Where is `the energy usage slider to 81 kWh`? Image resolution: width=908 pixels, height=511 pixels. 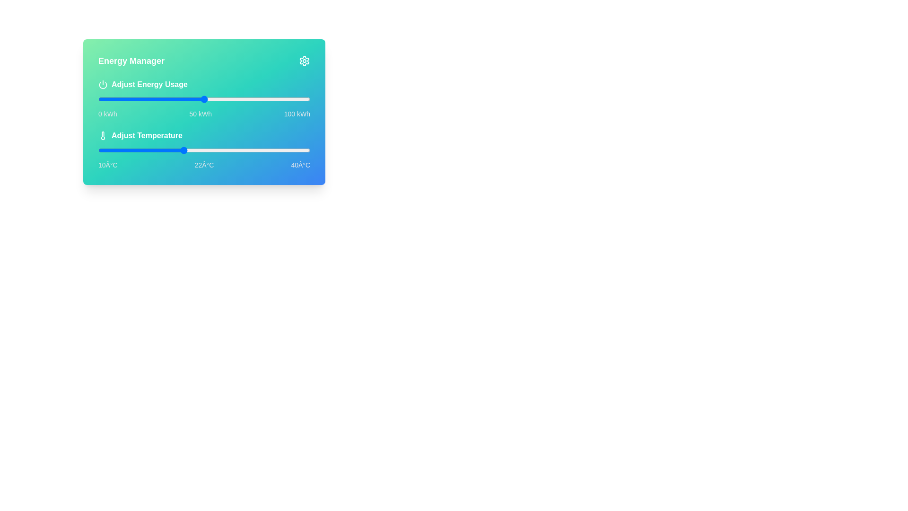 the energy usage slider to 81 kWh is located at coordinates (269, 99).